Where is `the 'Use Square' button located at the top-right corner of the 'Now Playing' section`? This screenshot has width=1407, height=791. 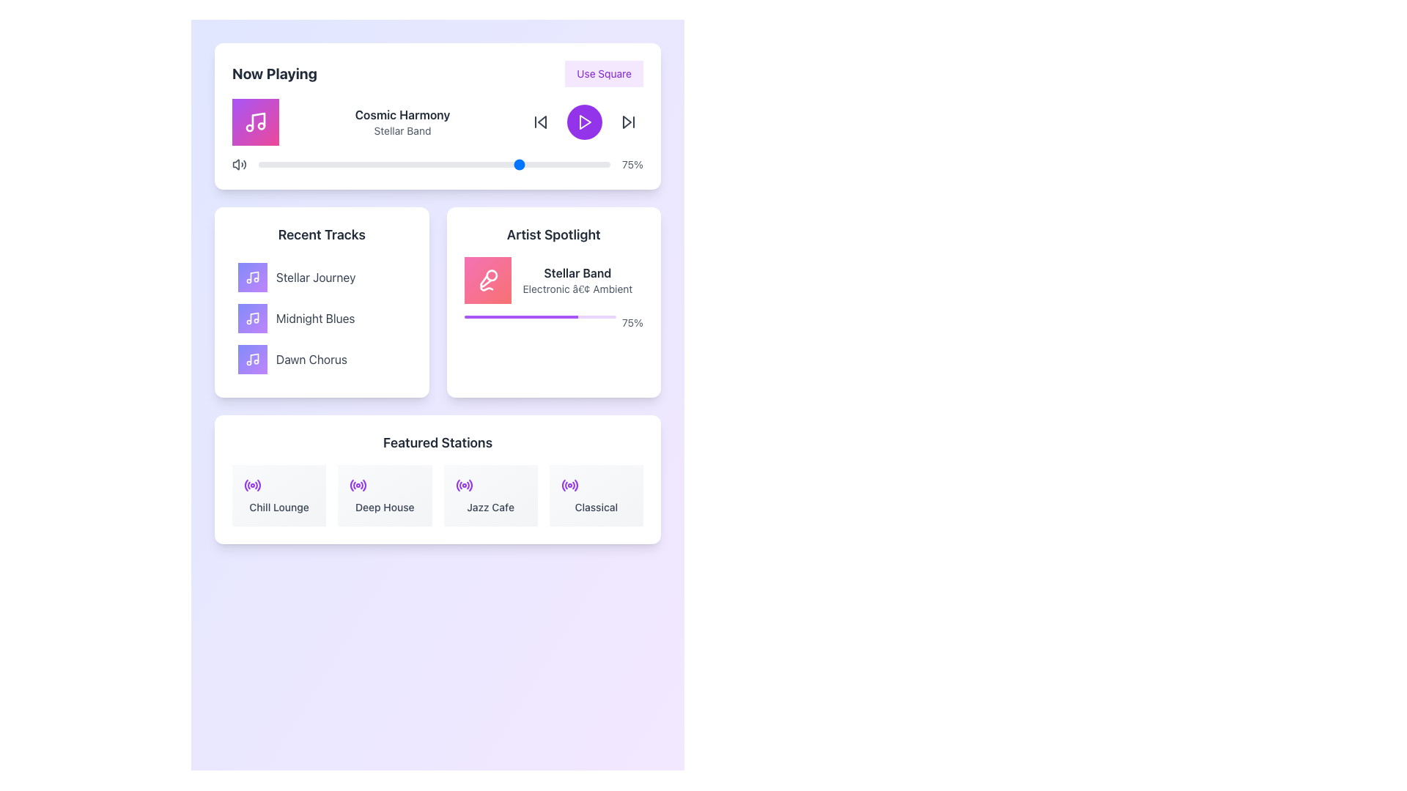
the 'Use Square' button located at the top-right corner of the 'Now Playing' section is located at coordinates (604, 73).